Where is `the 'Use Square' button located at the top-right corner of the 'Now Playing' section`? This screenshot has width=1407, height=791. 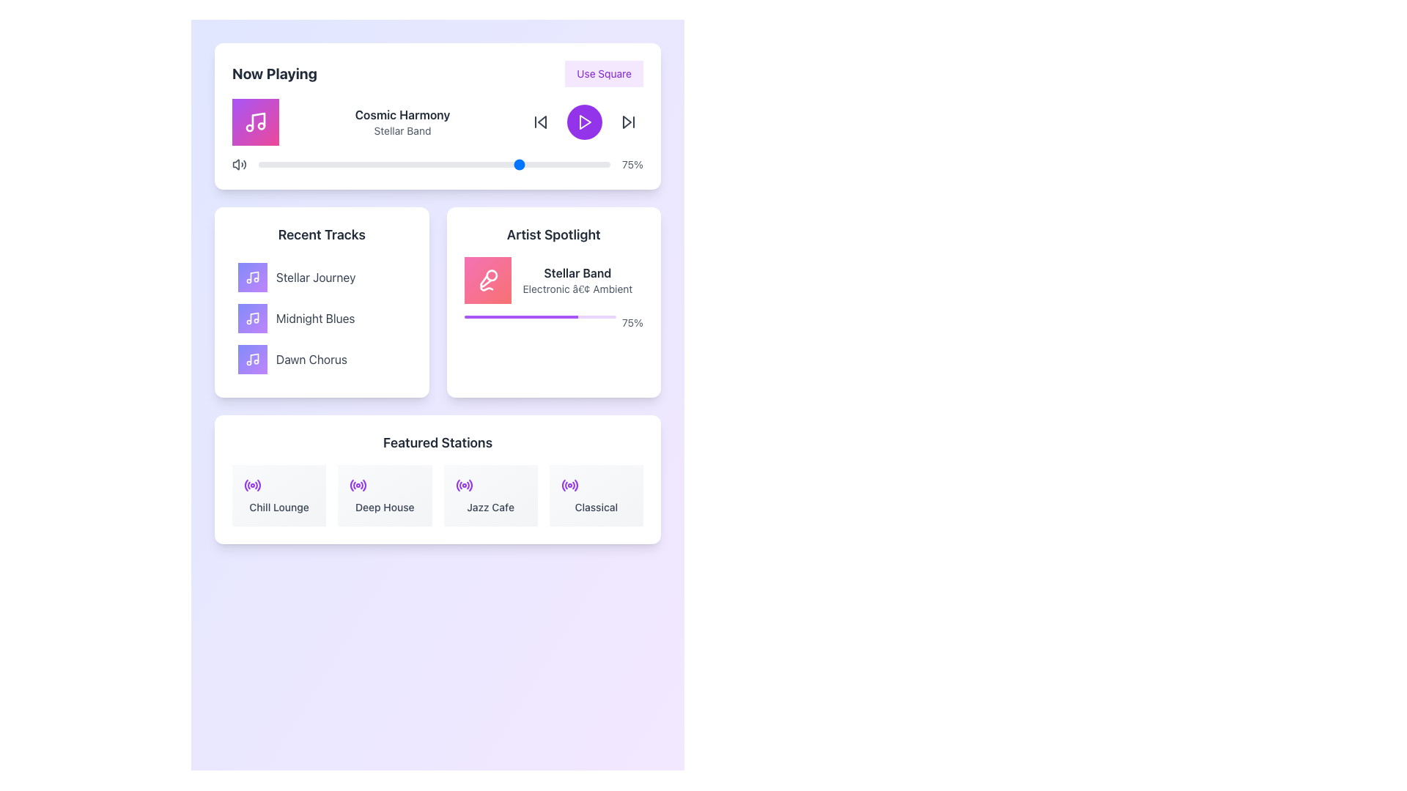
the 'Use Square' button located at the top-right corner of the 'Now Playing' section is located at coordinates (604, 73).